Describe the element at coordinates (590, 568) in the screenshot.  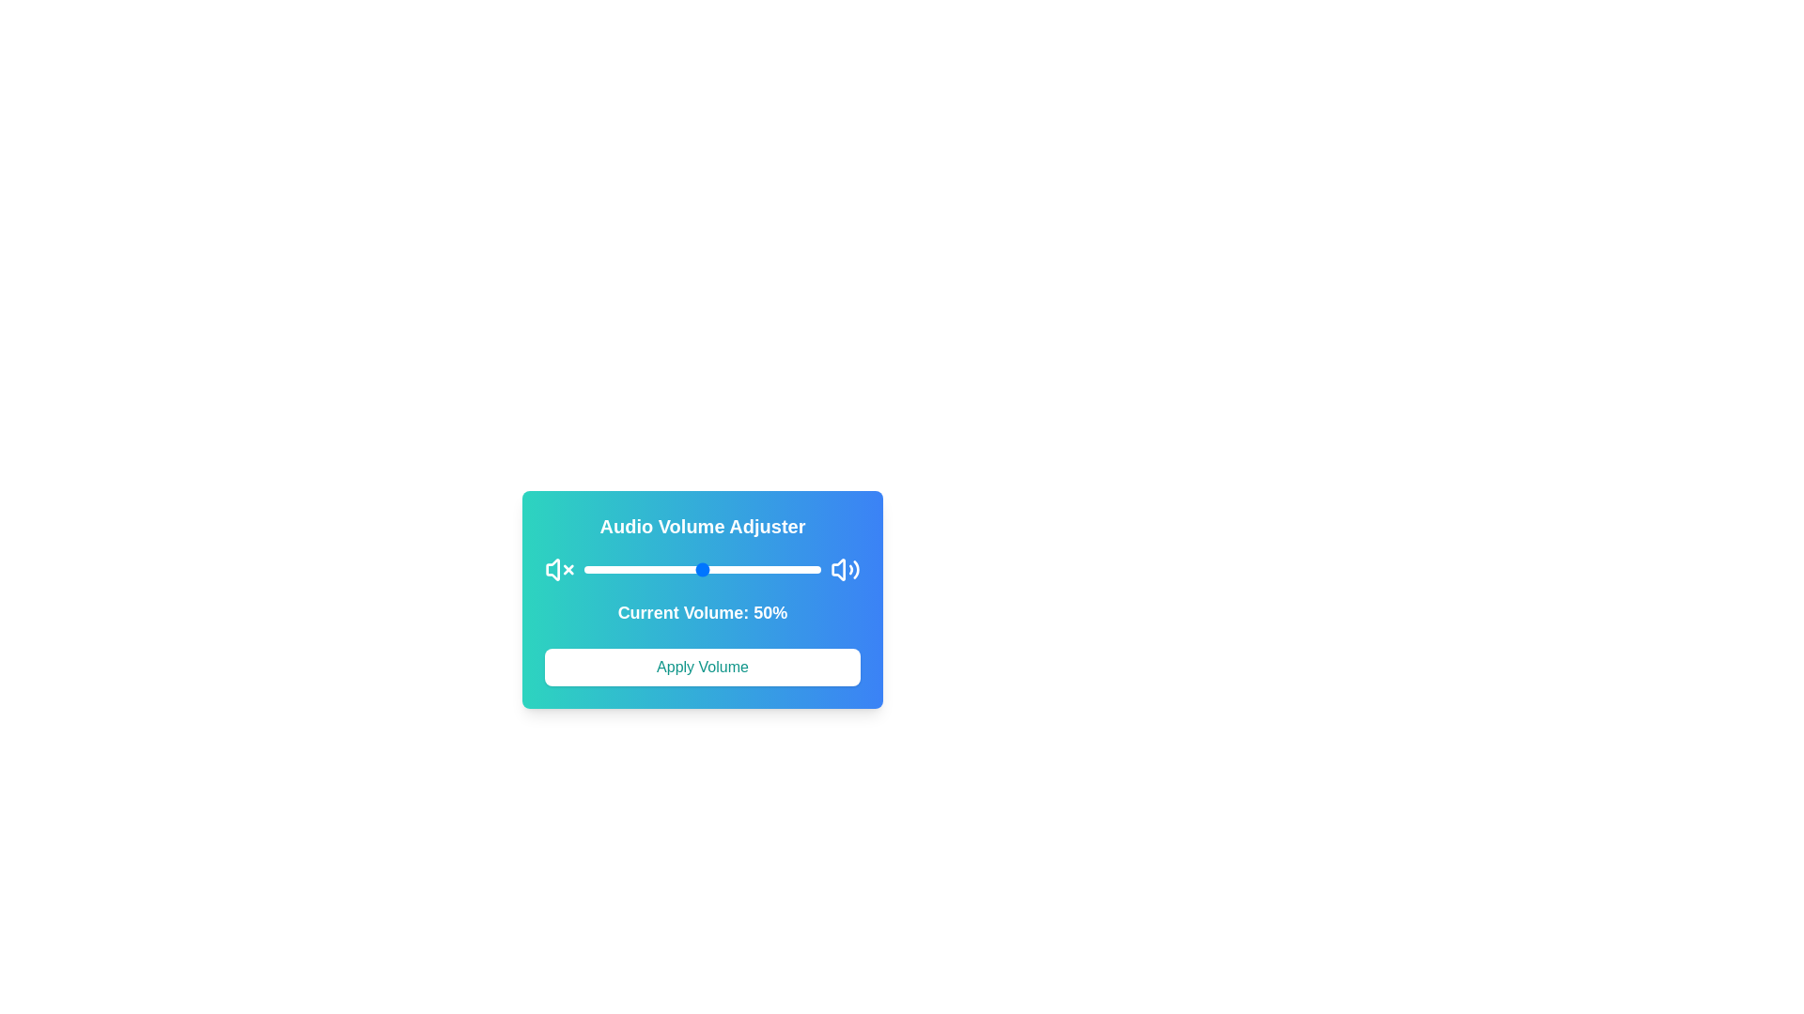
I see `the volume to 3% by dragging the slider` at that location.